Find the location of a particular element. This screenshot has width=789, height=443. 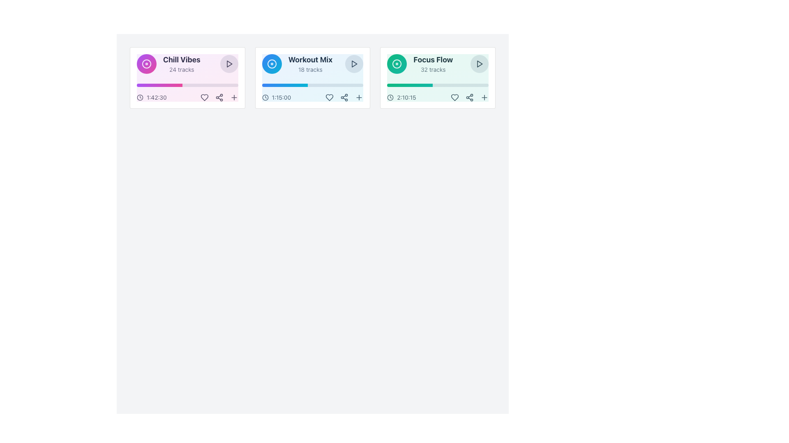

the circular element with a gradient background transitioning from emerald green to teal, featuring a rotating disc icon at its center, located at the top-right corner of the third card in the 'Focus Flow' group by moving the cursor to it is located at coordinates (397, 63).